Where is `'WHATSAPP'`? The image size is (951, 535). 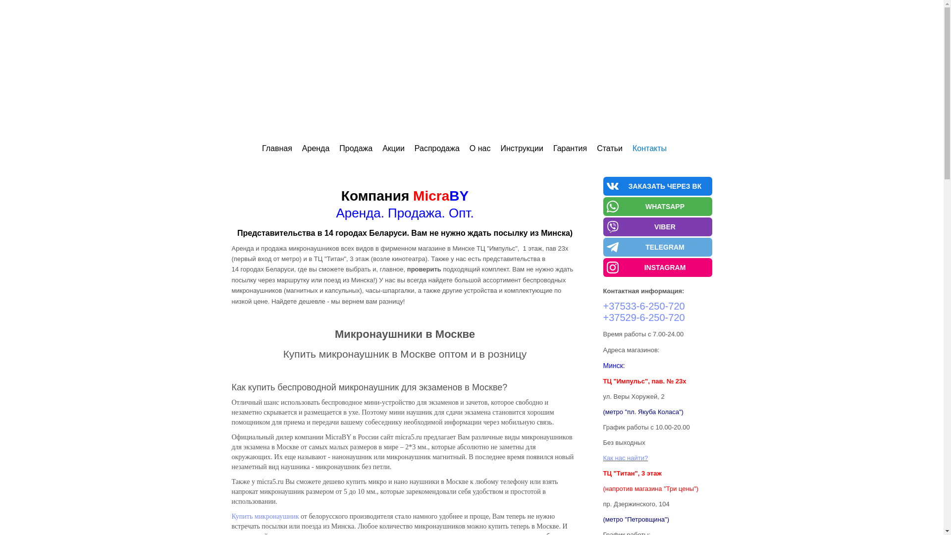 'WHATSAPP' is located at coordinates (658, 206).